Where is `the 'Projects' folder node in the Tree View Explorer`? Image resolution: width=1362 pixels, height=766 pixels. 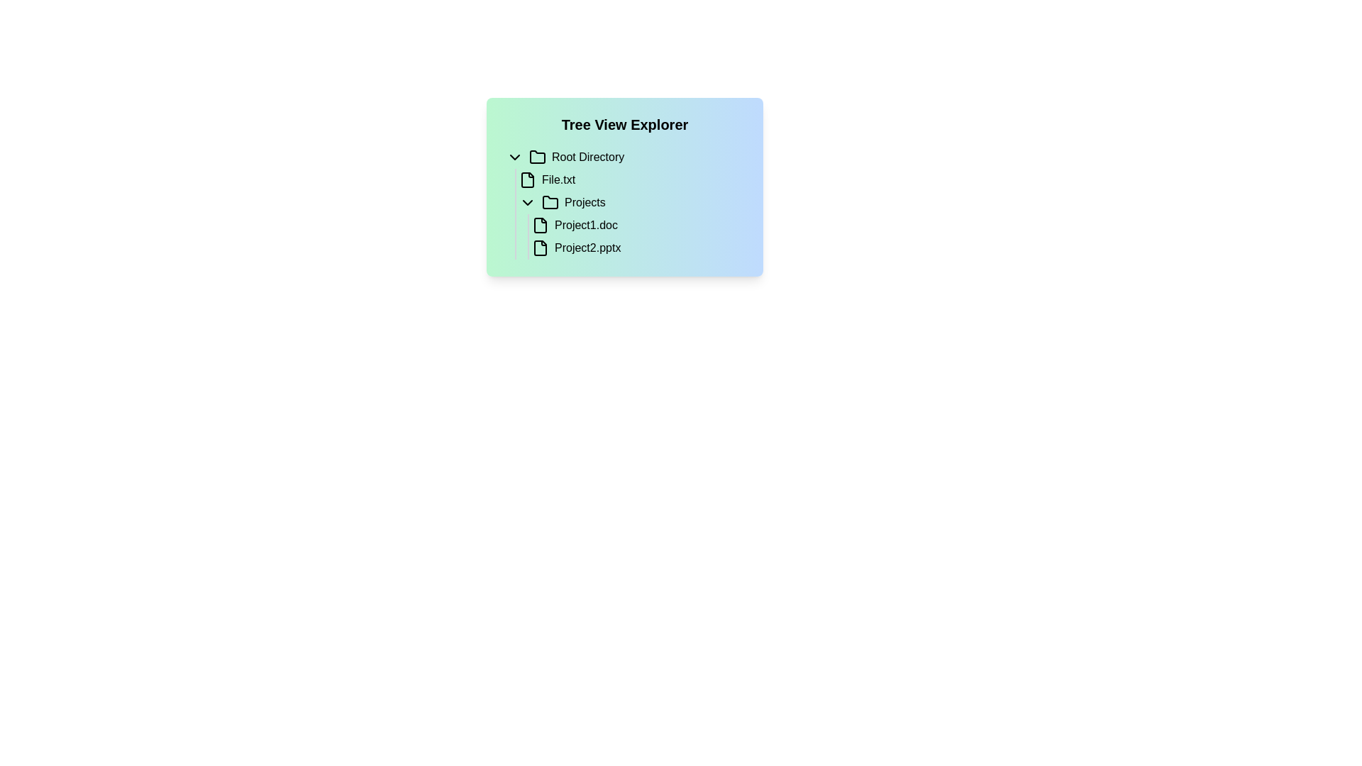 the 'Projects' folder node in the Tree View Explorer is located at coordinates (624, 202).